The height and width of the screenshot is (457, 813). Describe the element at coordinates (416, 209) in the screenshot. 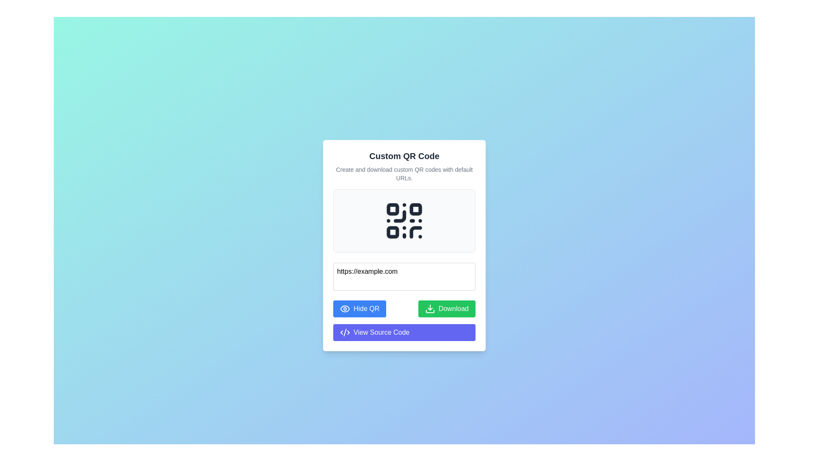

I see `the second square with rounded corners in the top row of the QR code graphic, which is a dark-colored static graphical component` at that location.